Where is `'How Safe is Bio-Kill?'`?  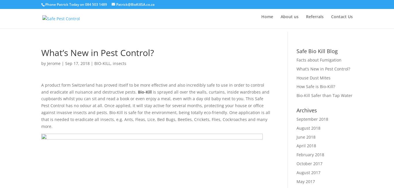
'How Safe is Bio-Kill?' is located at coordinates (315, 86).